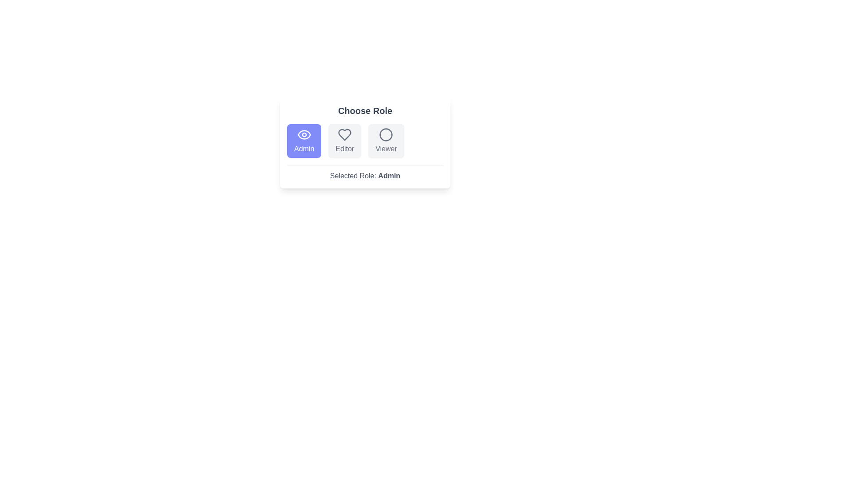 This screenshot has height=479, width=852. I want to click on the 'Admin' role selection icon located at the top center of the purple 'Admin' button to indicate its functionality as an interactive guide, so click(304, 135).